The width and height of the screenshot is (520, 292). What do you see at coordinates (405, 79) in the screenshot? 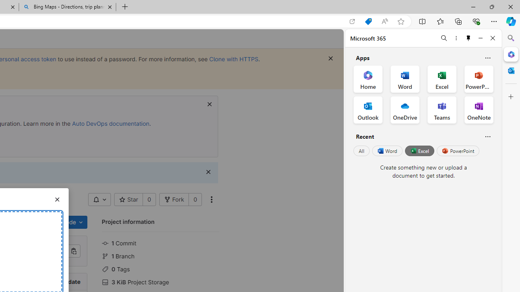
I see `'Word Office App'` at bounding box center [405, 79].